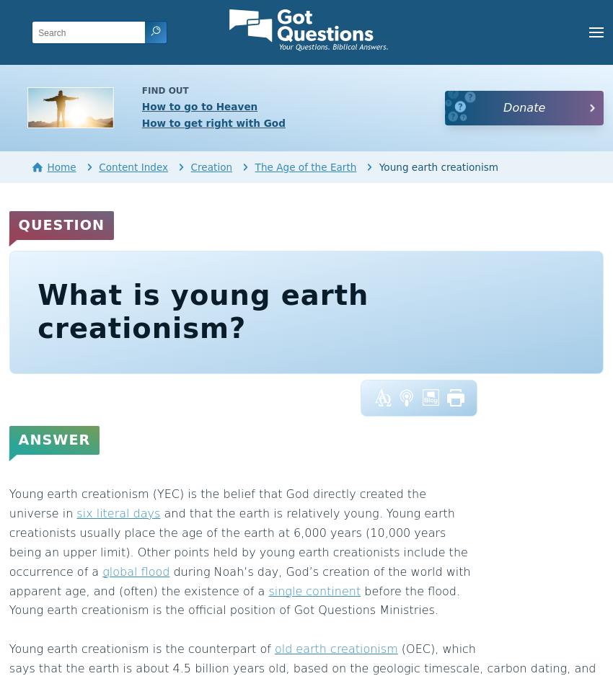 The height and width of the screenshot is (676, 613). I want to click on 'global flood', so click(135, 570).